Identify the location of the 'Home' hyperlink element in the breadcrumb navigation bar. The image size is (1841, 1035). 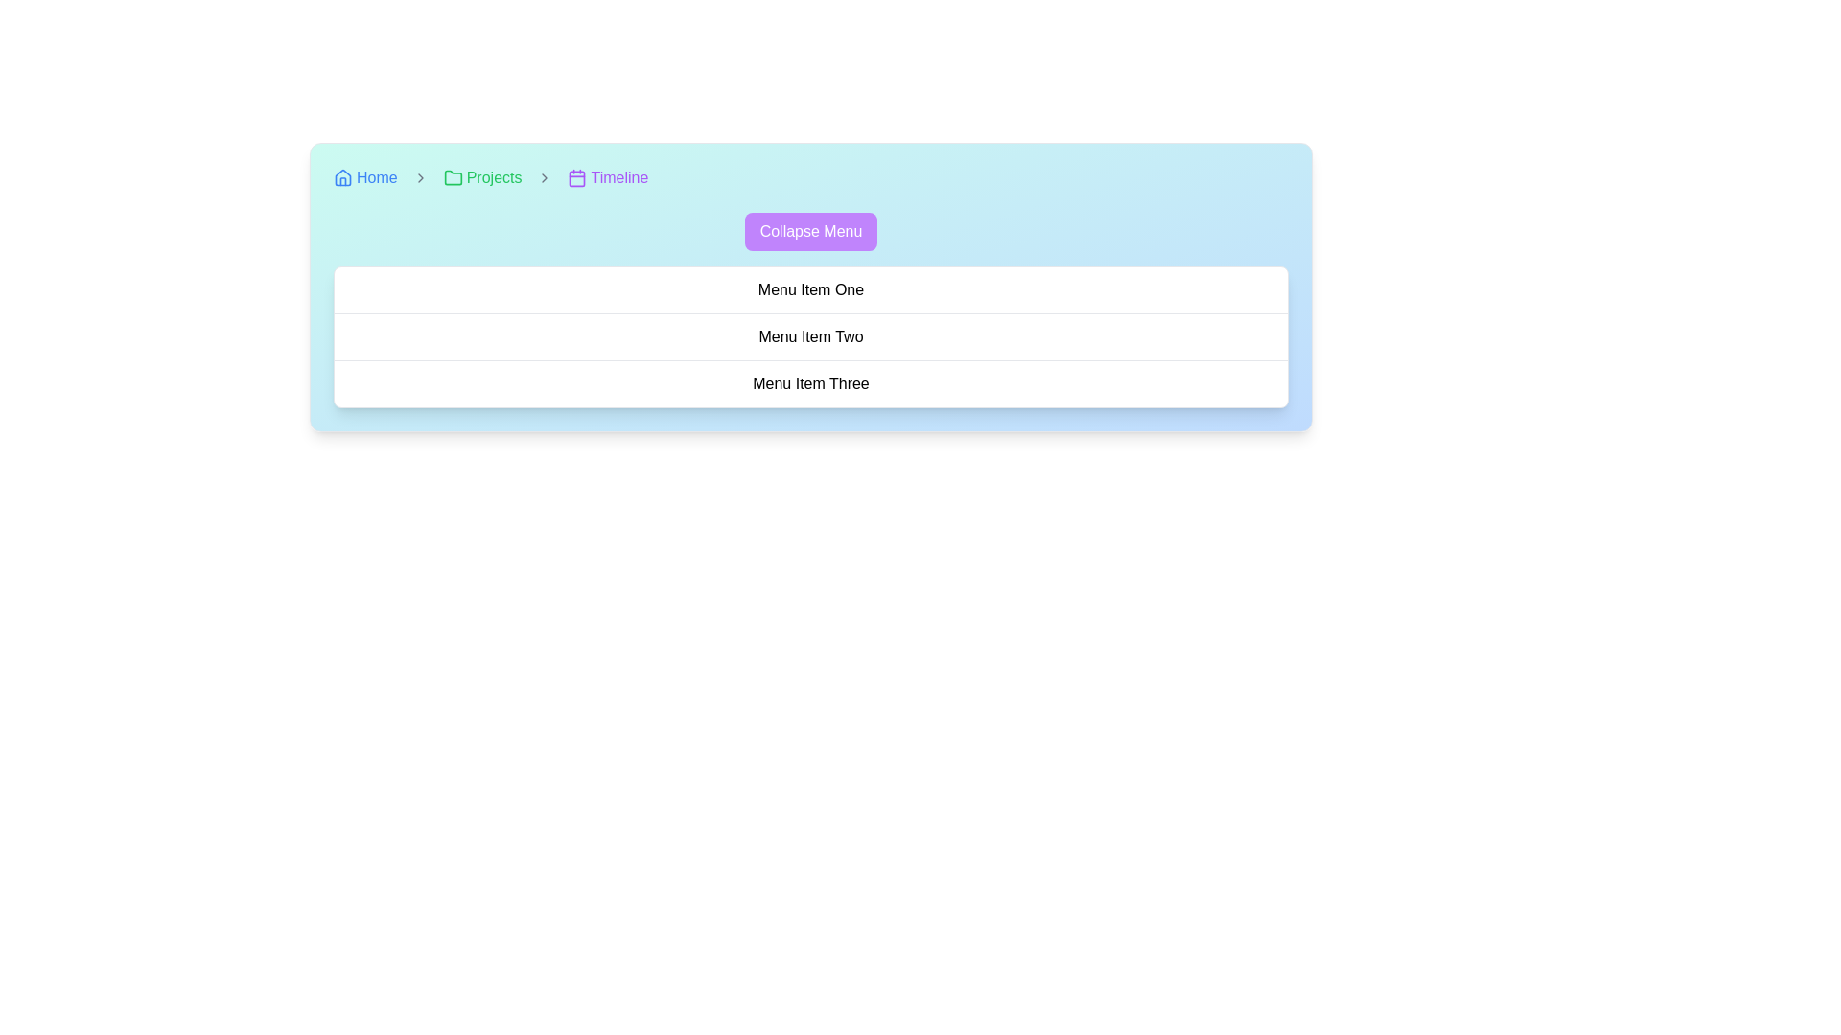
(365, 177).